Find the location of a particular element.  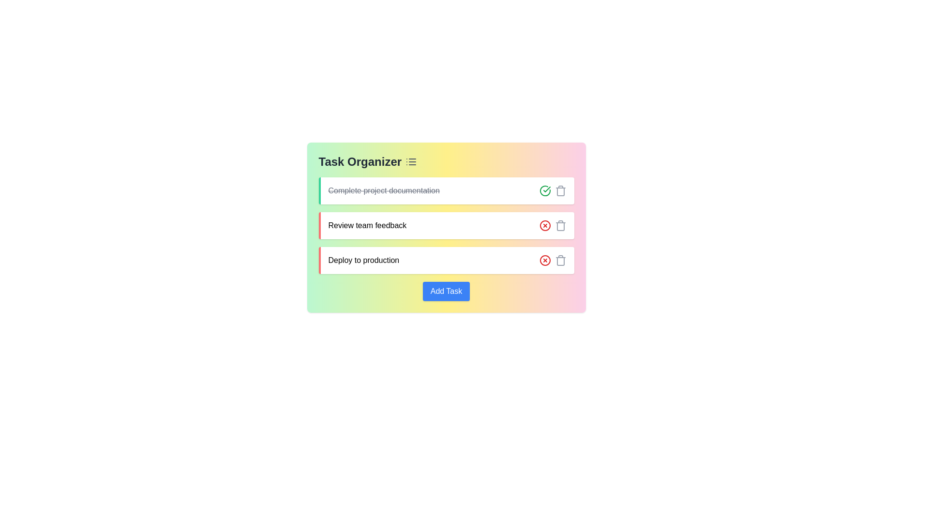

the main body of the trash bin icon within the 'Deploy to production' task row in the task management interface is located at coordinates (560, 261).